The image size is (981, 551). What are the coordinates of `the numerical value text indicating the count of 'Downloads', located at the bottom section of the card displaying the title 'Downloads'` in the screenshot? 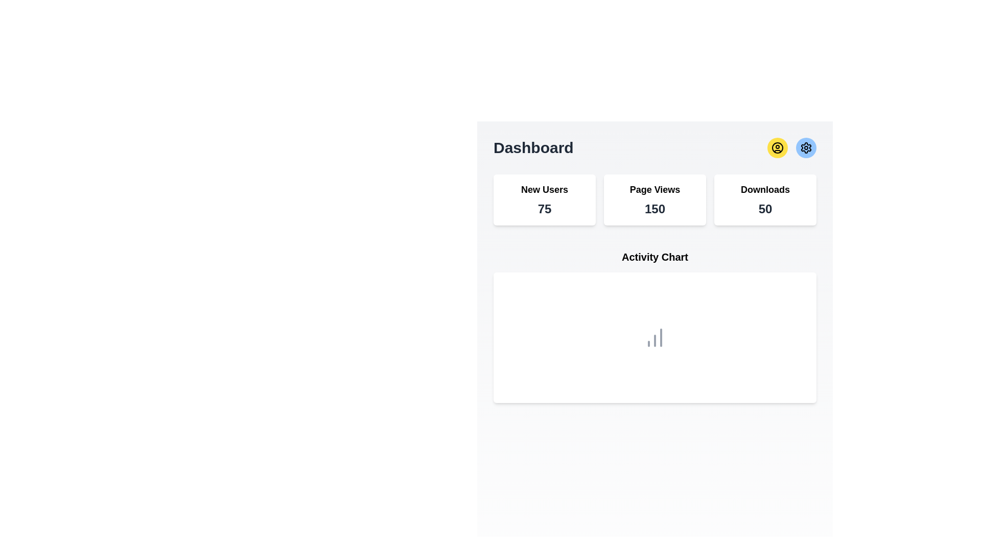 It's located at (765, 208).